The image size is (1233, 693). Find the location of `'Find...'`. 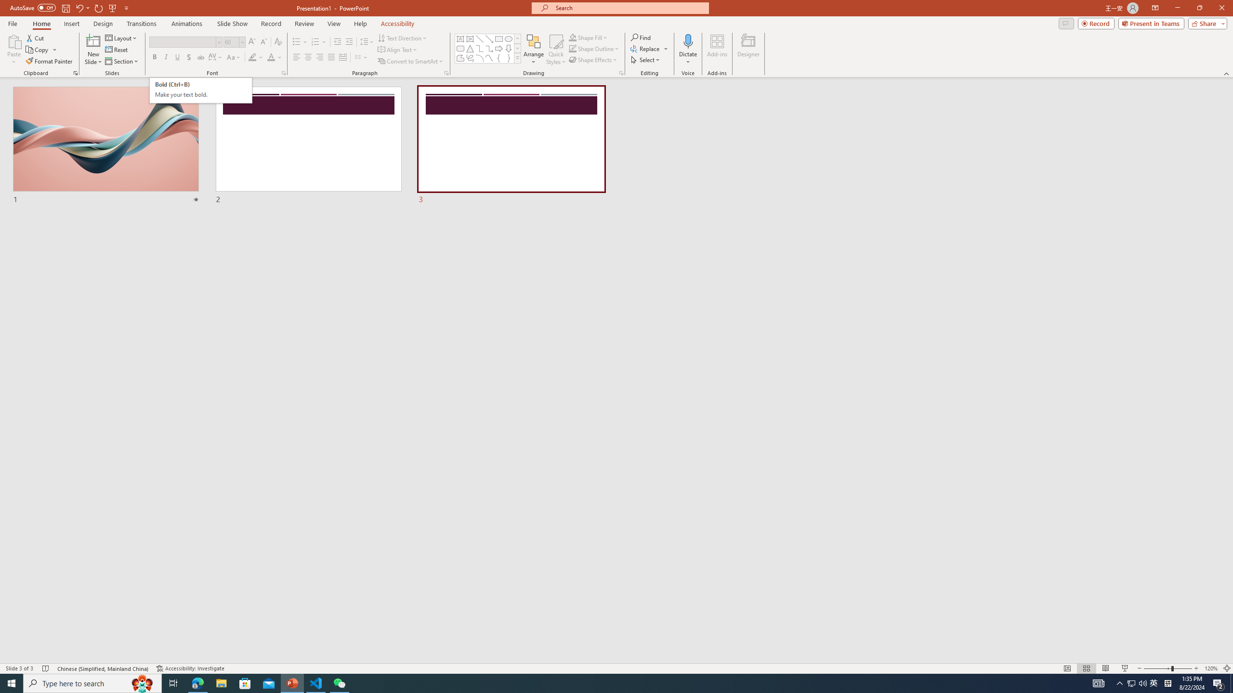

'Find...' is located at coordinates (641, 37).